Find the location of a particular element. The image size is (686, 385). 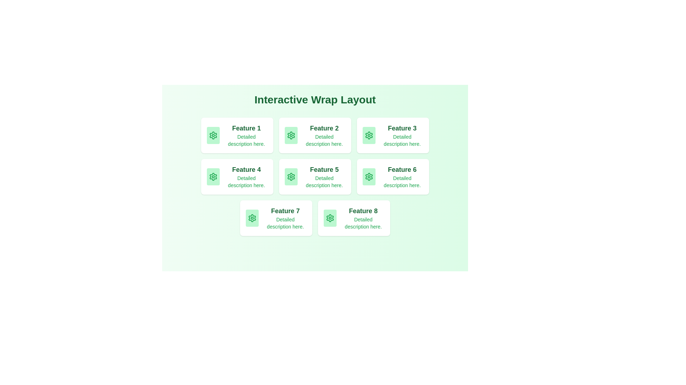

text from the Feature card in the last row and last column of the grid layout, which contains the title 'Feature 8' and its detailed description is located at coordinates (354, 218).